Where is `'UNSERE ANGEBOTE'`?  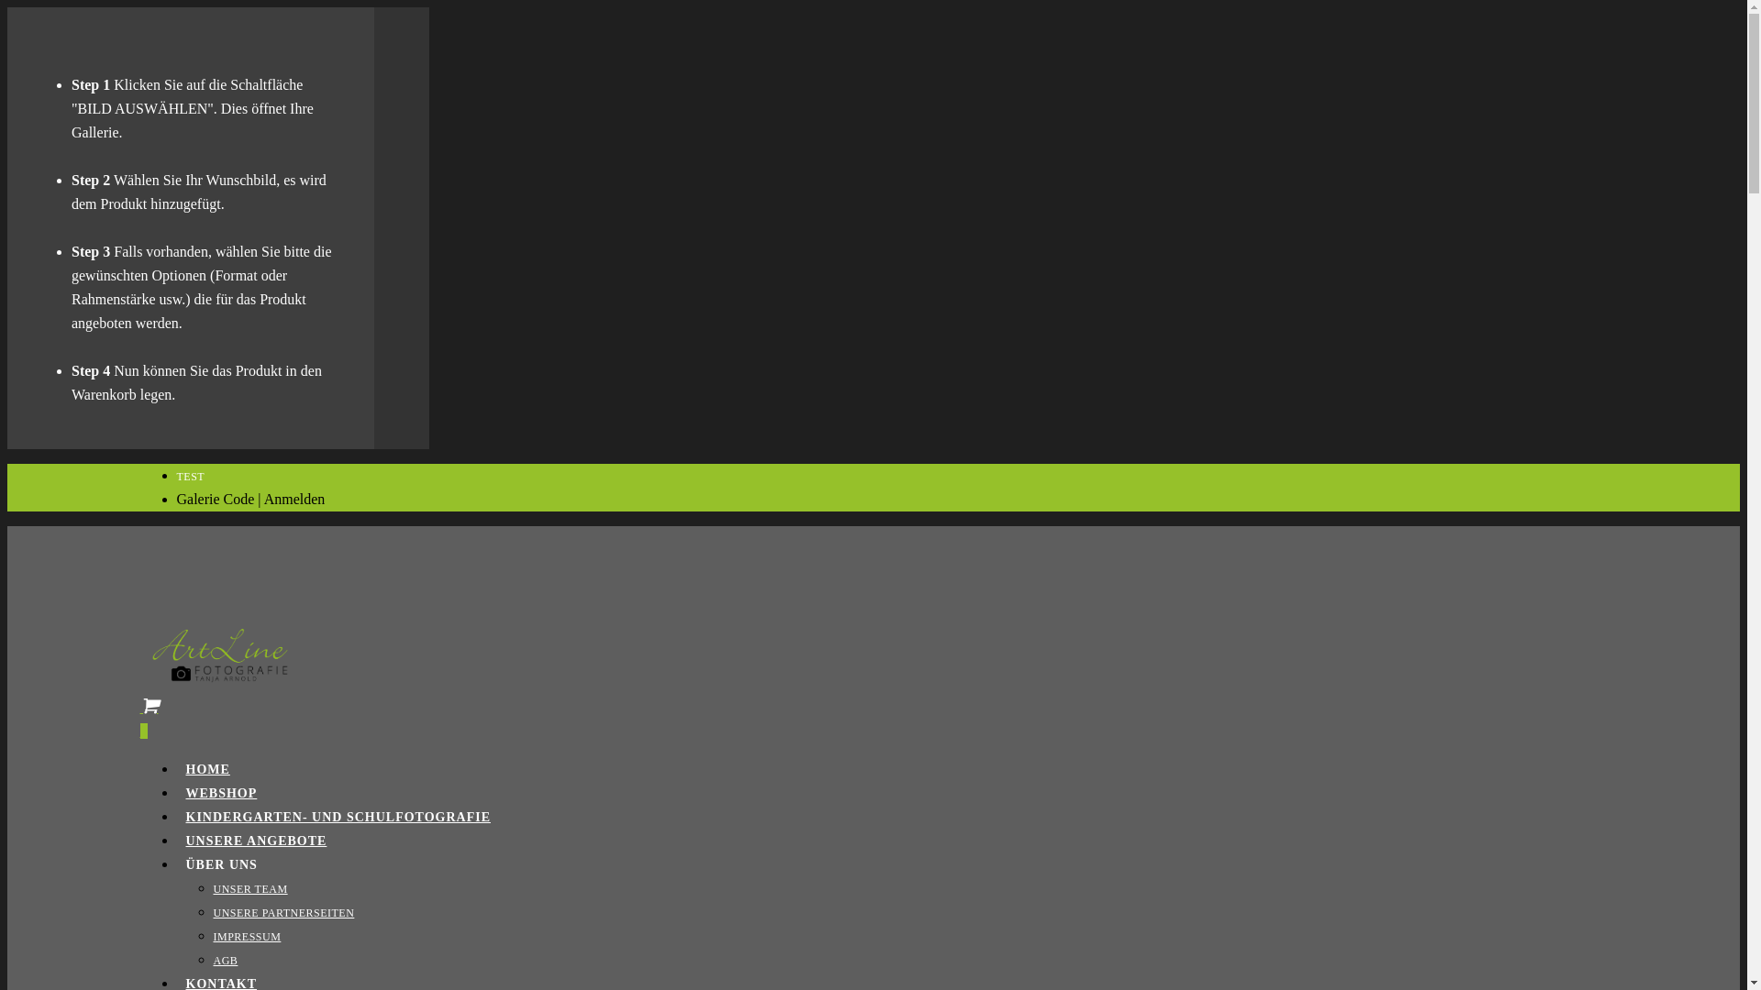
'UNSERE ANGEBOTE' is located at coordinates (254, 841).